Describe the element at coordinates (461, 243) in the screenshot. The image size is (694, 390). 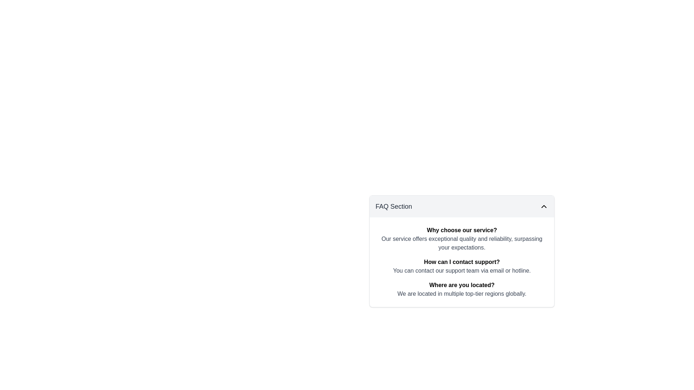
I see `text block located directly below the bold heading 'Why choose our service?' in the FAQ section, which provides a detailed explanation of the quality and reliability of the service` at that location.